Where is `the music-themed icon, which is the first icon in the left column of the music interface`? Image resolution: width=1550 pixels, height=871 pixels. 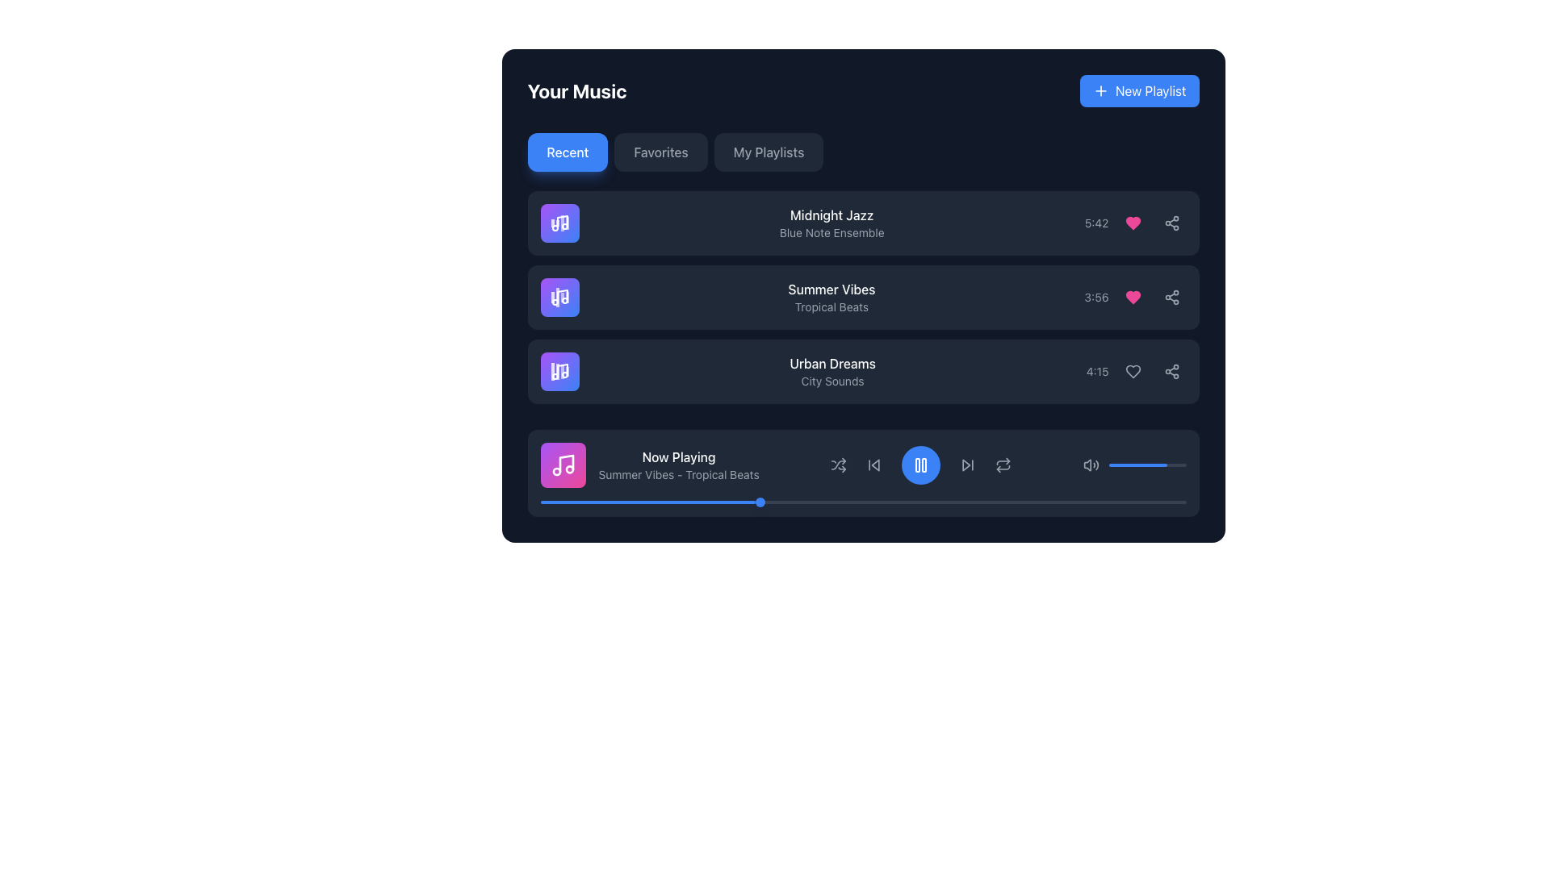
the music-themed icon, which is the first icon in the left column of the music interface is located at coordinates (559, 223).